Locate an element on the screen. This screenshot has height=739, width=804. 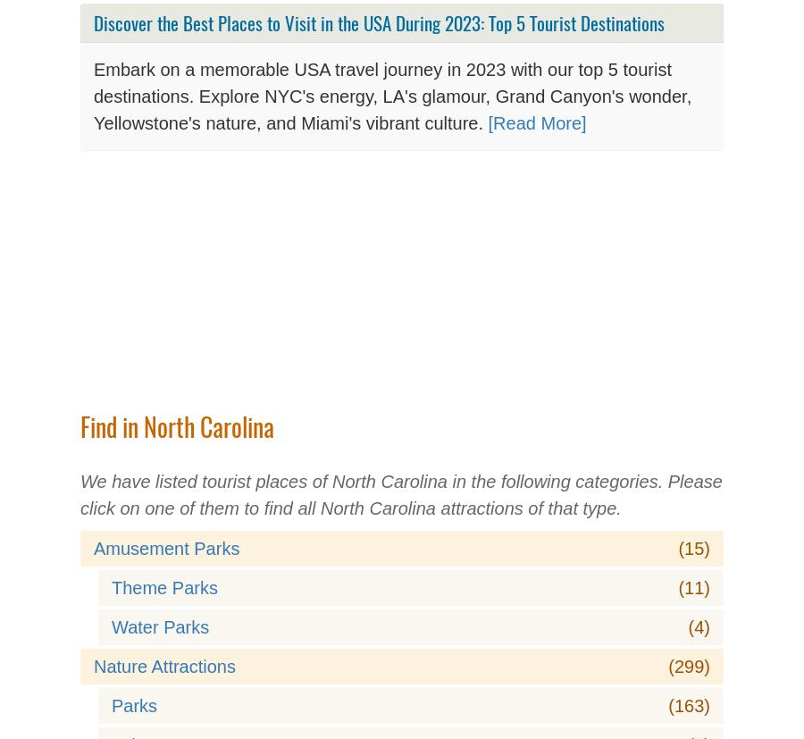
'We have listed tourist places of North Carolina in the following categories. Please click on one of them to find all North Carolina attractions of that type.' is located at coordinates (80, 494).